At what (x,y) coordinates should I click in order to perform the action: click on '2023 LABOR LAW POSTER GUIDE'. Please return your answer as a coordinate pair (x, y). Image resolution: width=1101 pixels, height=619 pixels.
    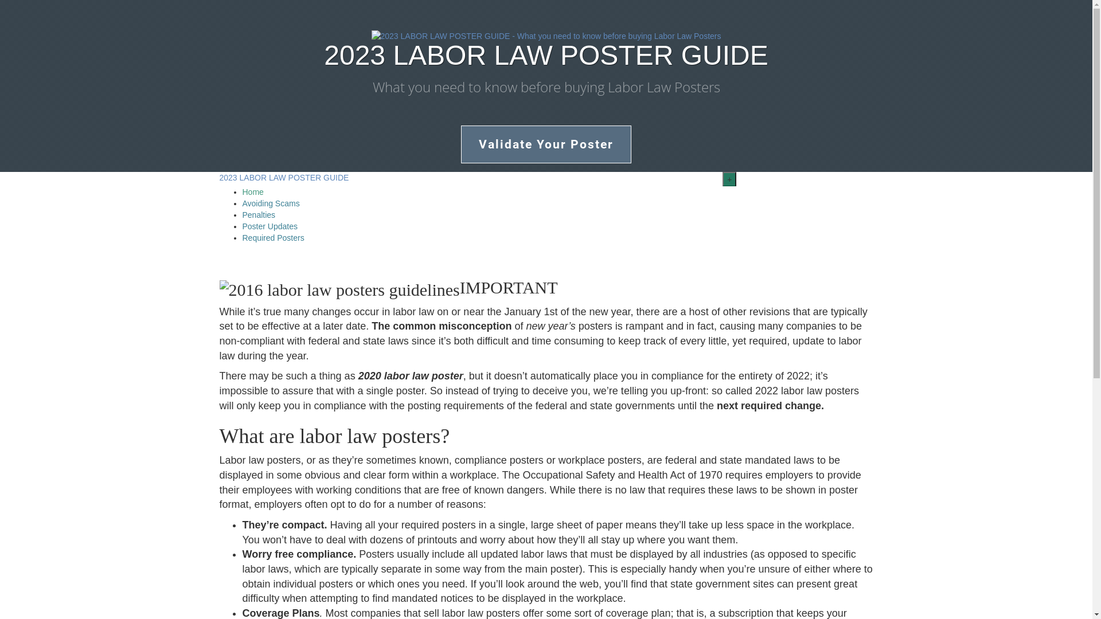
    Looking at the image, I should click on (283, 177).